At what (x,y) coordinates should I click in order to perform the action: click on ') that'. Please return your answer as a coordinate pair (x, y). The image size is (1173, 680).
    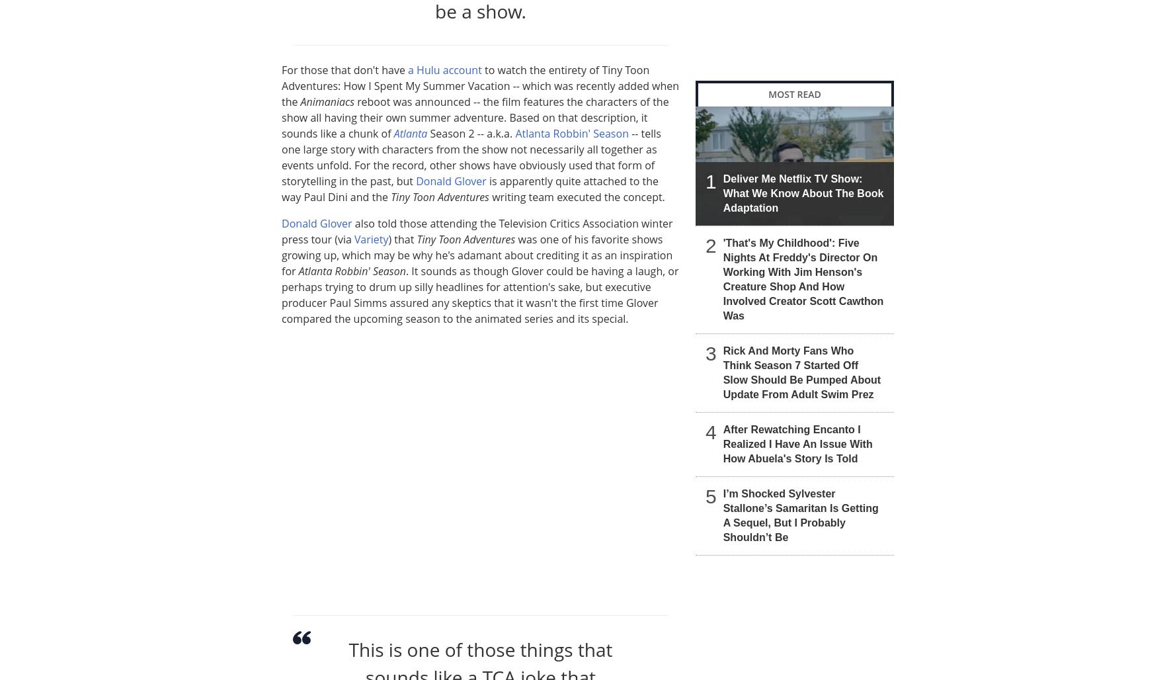
    Looking at the image, I should click on (401, 238).